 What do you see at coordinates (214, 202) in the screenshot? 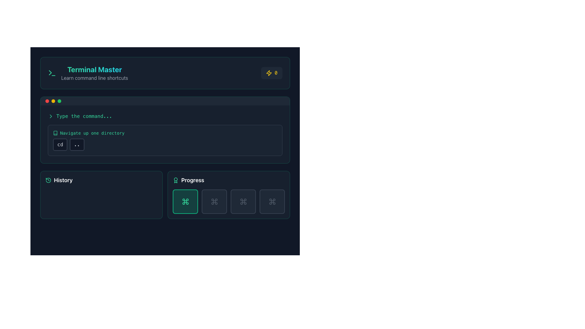
I see `the second button in the second row of the grid layout within the 'Progress' section, which has a dark gray background and a command-like symbol icon in the center` at bounding box center [214, 202].